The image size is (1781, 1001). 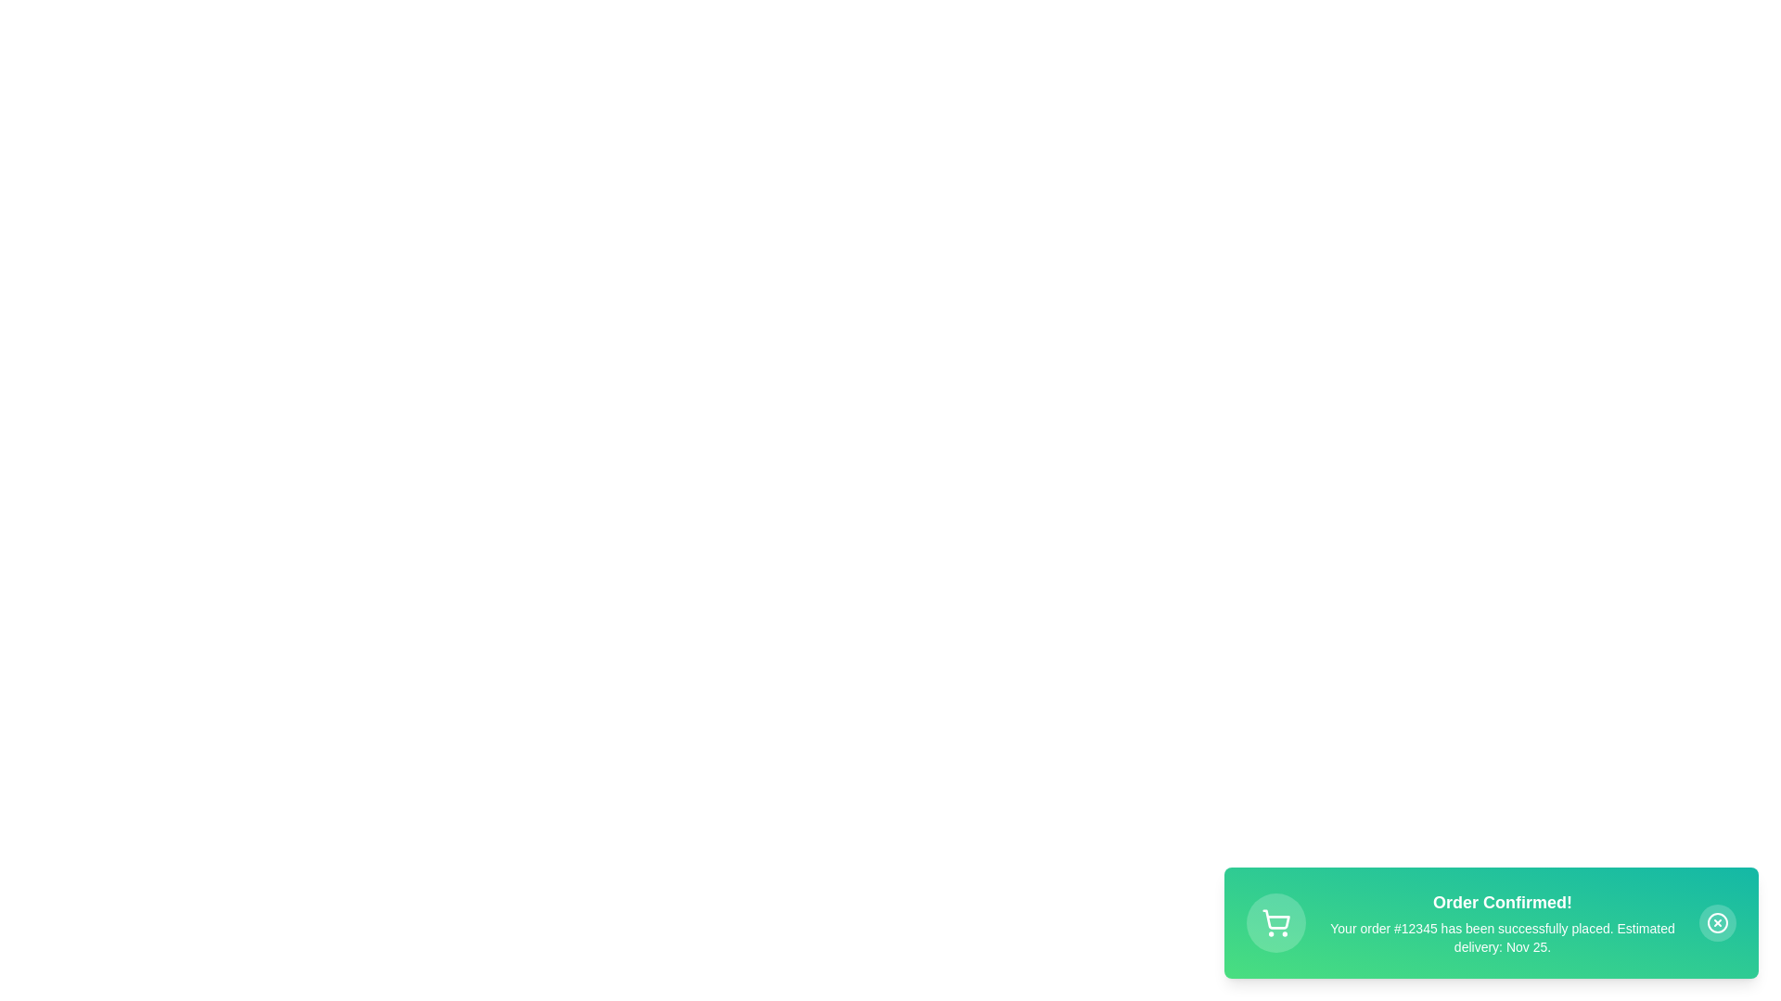 What do you see at coordinates (1275, 922) in the screenshot?
I see `the shopping cart icon with a white outline located in the bottom-right notification bar, which is embedded within a circular light green-to-teal gradient background` at bounding box center [1275, 922].